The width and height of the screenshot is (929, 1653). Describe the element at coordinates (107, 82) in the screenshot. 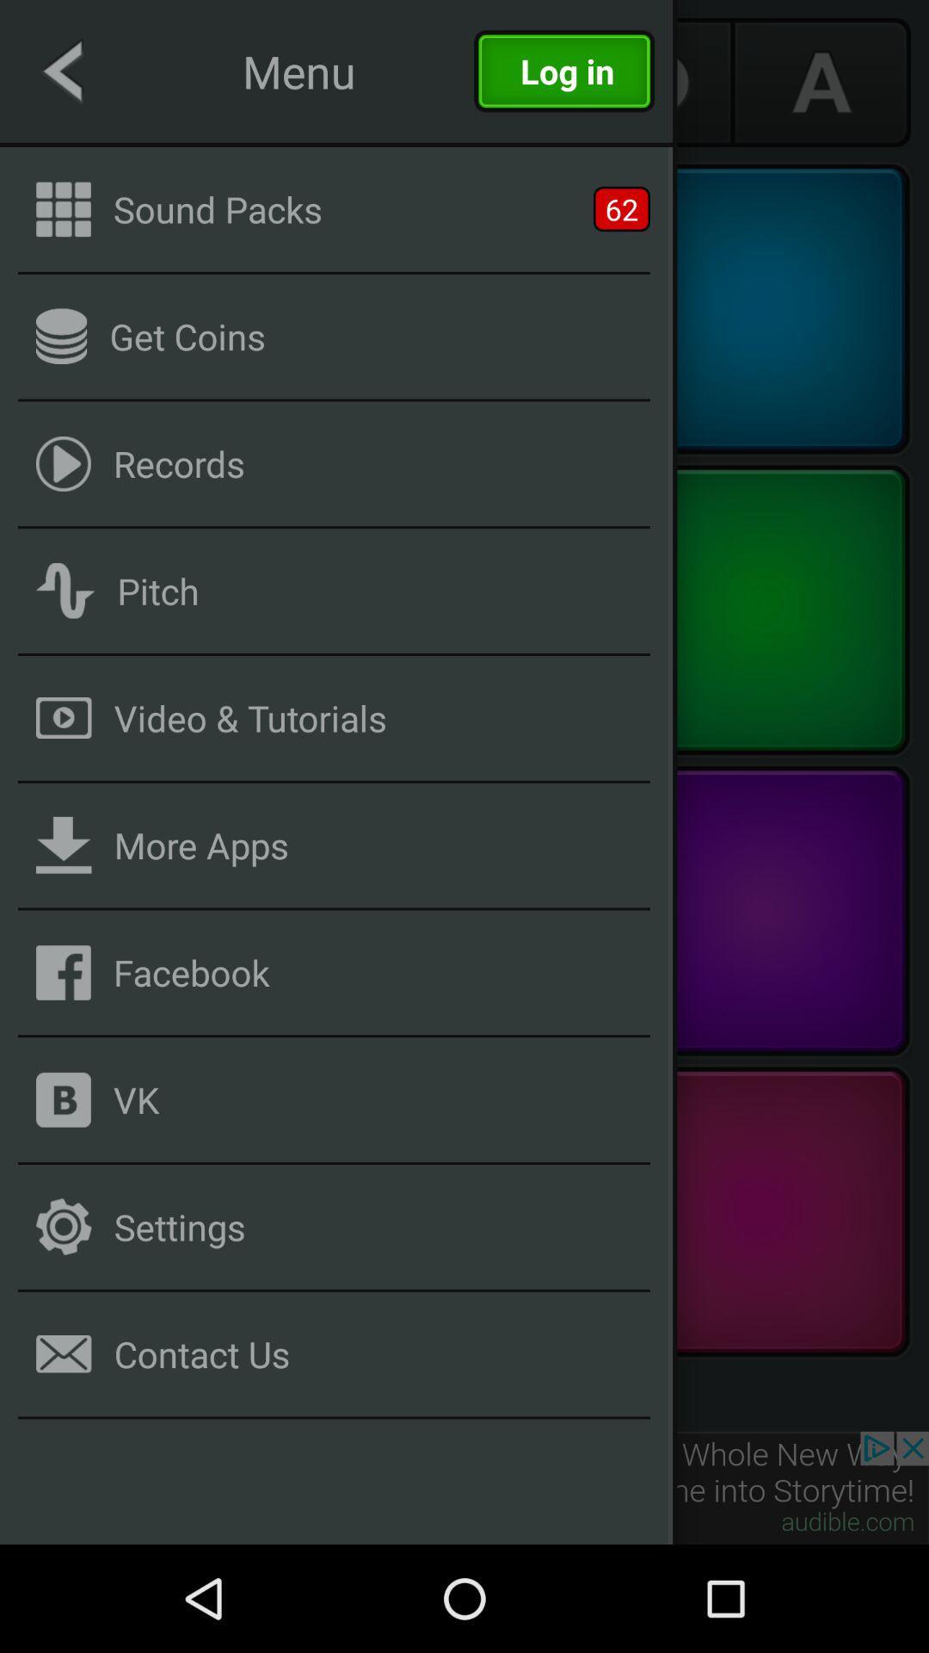

I see `the arrow_backward icon` at that location.